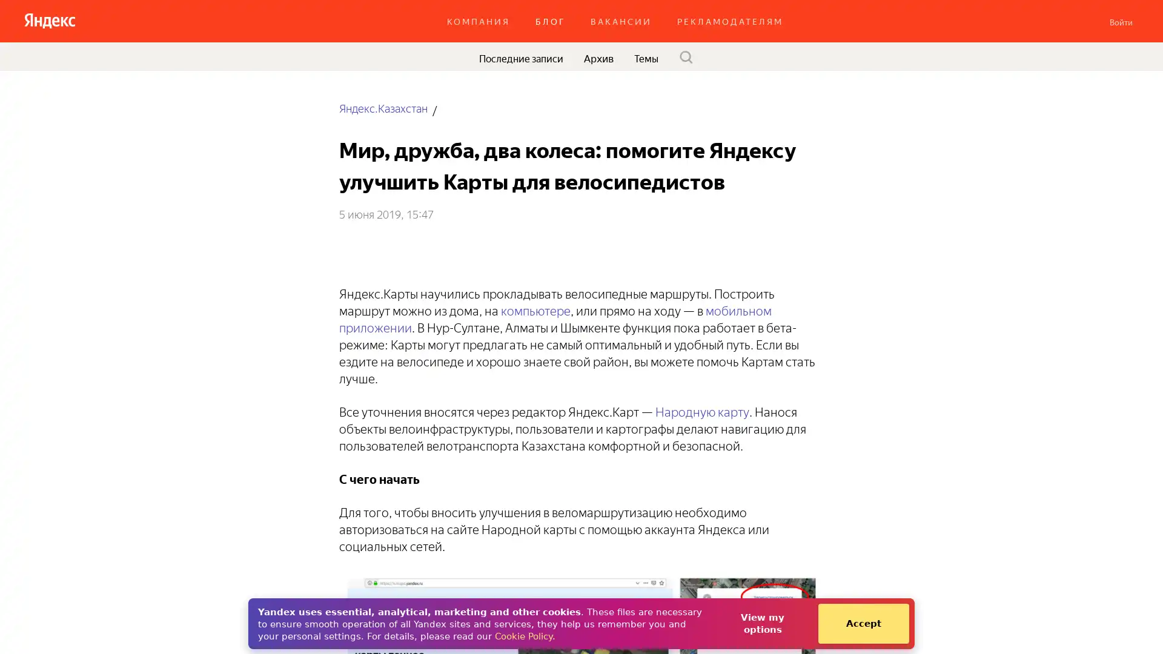  What do you see at coordinates (863, 623) in the screenshot?
I see `Accept` at bounding box center [863, 623].